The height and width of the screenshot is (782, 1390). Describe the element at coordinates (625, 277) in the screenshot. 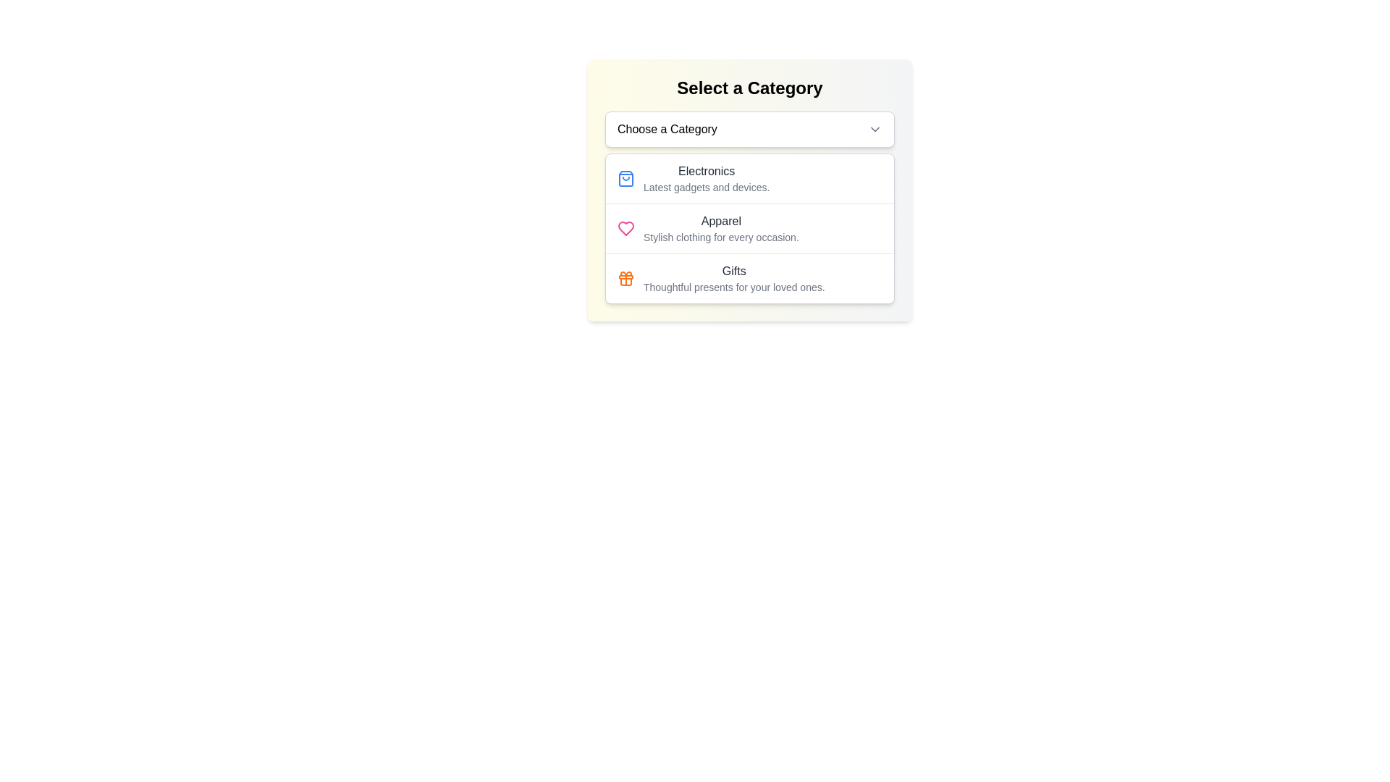

I see `the decorative graphic component that represents a ribbon around a gift box, located at the top-middle area of the gift box icon` at that location.